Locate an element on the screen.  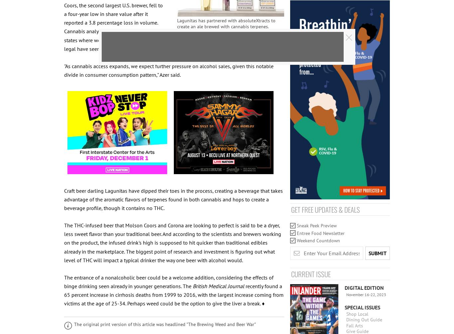
'The entrance of a nonalcoholic beer could be a welcome addition, considering the effects of binge drinking seen already in younger generations. The' is located at coordinates (169, 281).